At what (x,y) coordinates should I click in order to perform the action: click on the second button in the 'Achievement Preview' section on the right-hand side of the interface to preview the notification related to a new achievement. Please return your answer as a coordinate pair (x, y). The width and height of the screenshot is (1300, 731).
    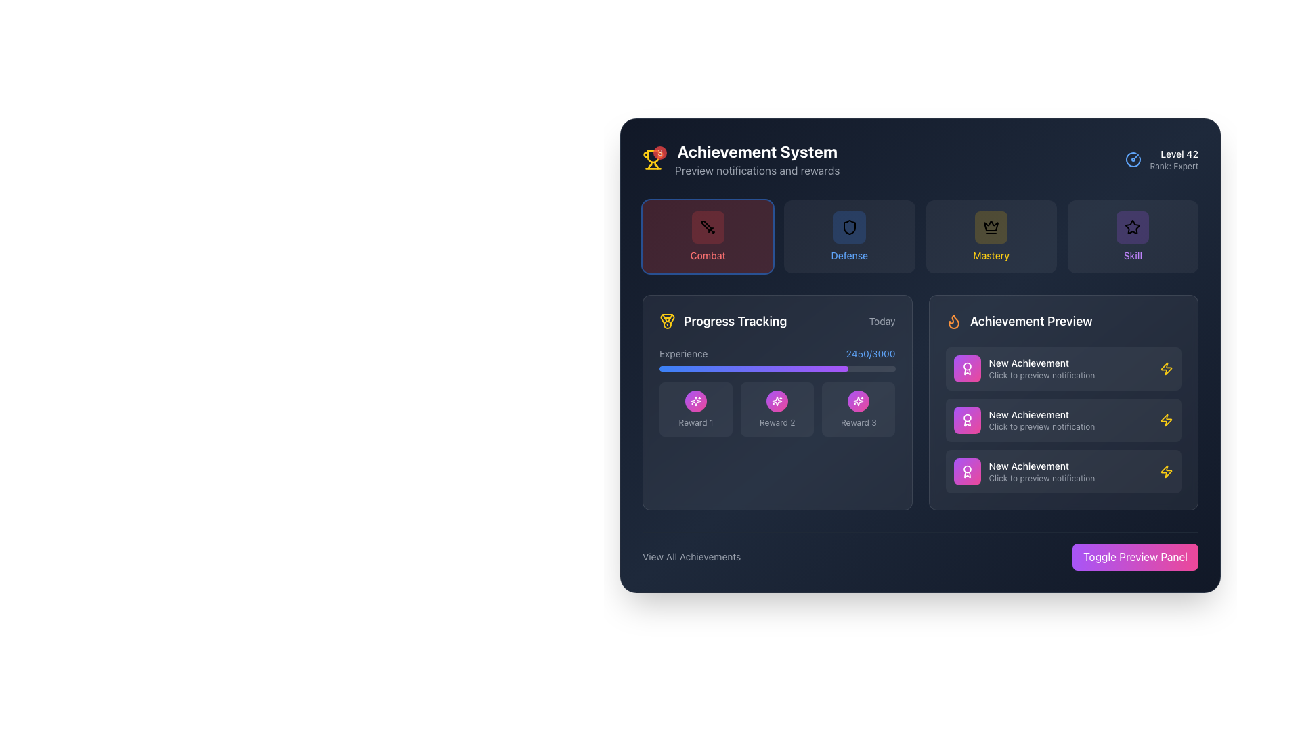
    Looking at the image, I should click on (1062, 401).